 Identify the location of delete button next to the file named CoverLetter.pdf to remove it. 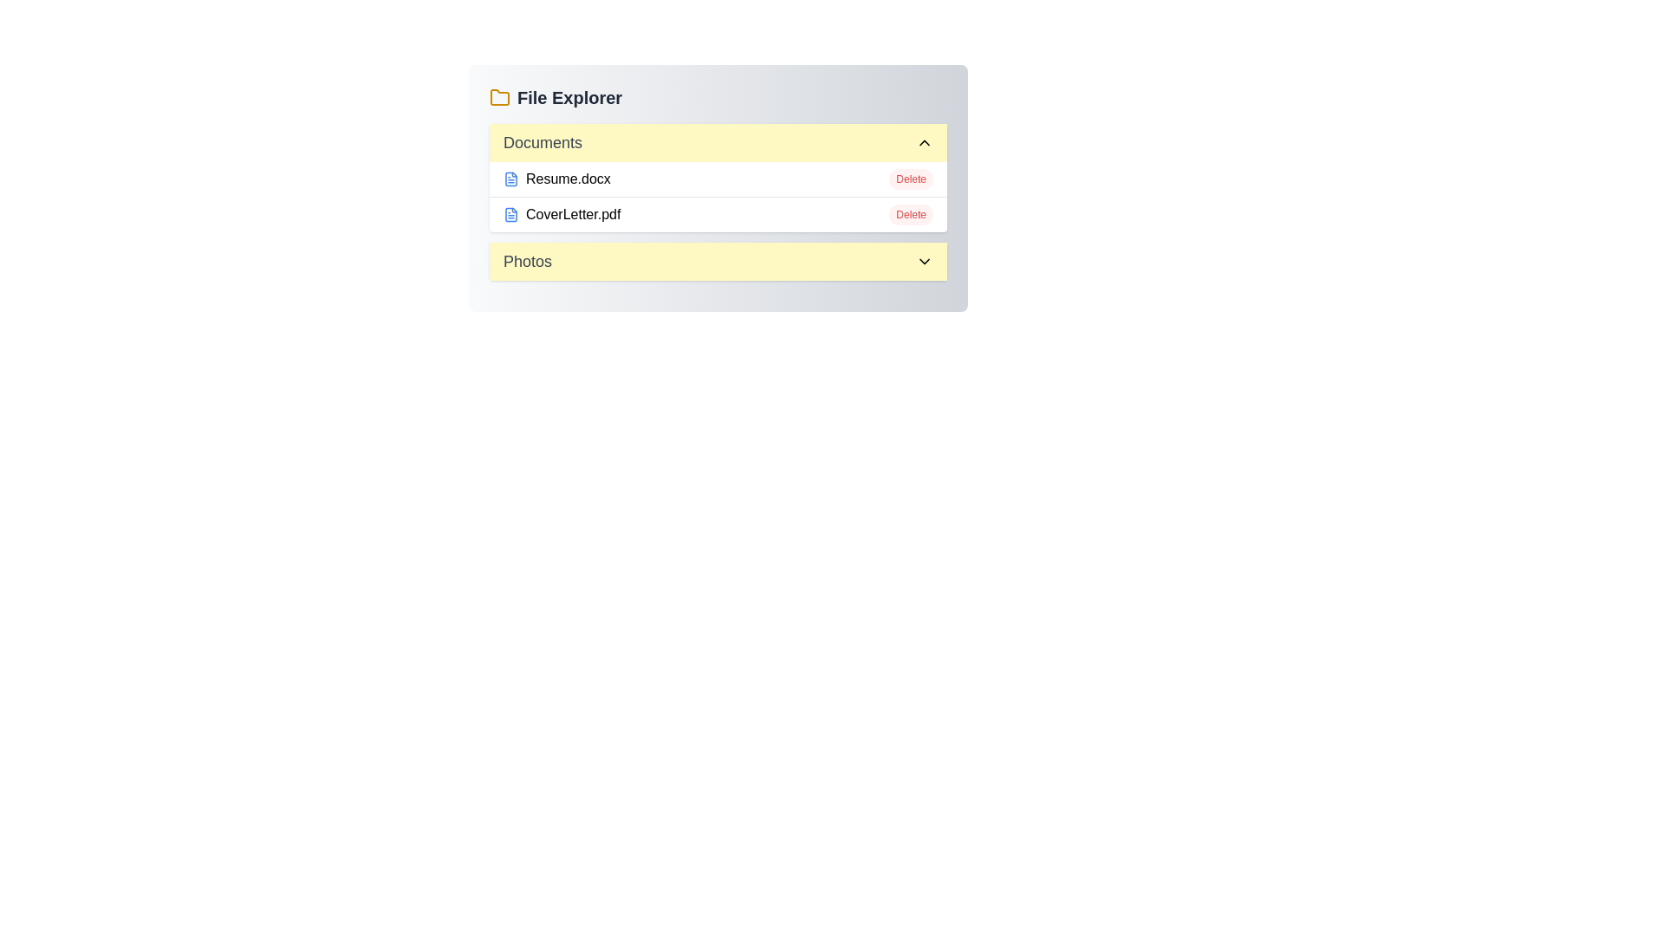
(910, 213).